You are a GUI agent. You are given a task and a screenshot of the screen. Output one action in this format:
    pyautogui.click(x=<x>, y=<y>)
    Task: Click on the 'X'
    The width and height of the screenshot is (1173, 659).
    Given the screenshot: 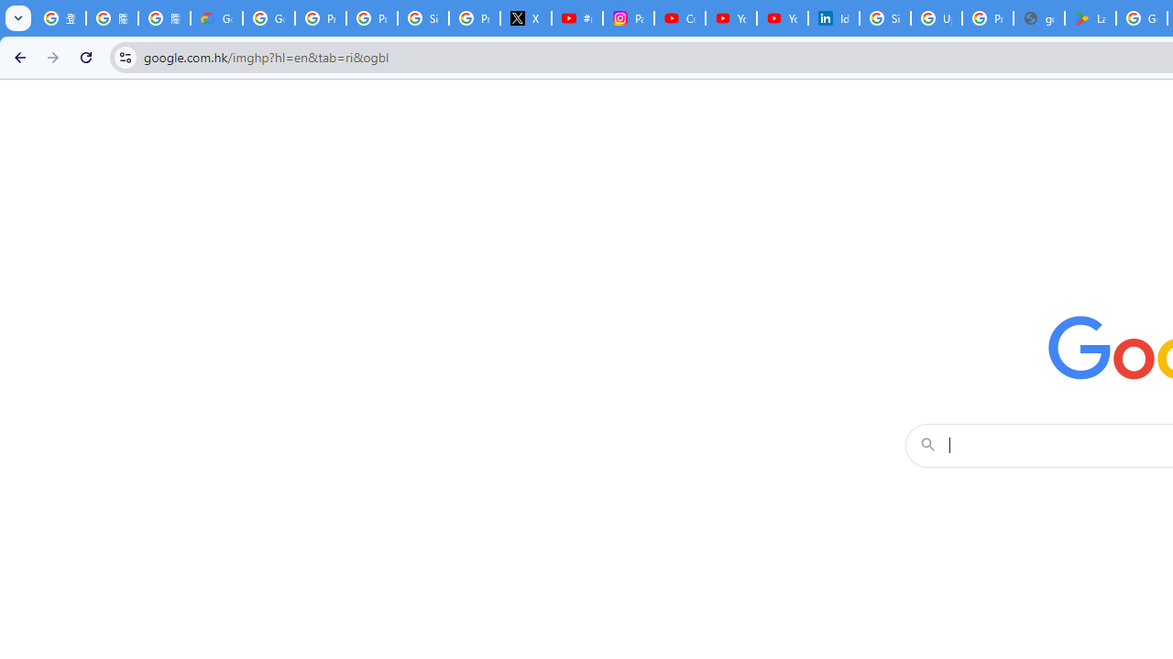 What is the action you would take?
    pyautogui.click(x=525, y=18)
    